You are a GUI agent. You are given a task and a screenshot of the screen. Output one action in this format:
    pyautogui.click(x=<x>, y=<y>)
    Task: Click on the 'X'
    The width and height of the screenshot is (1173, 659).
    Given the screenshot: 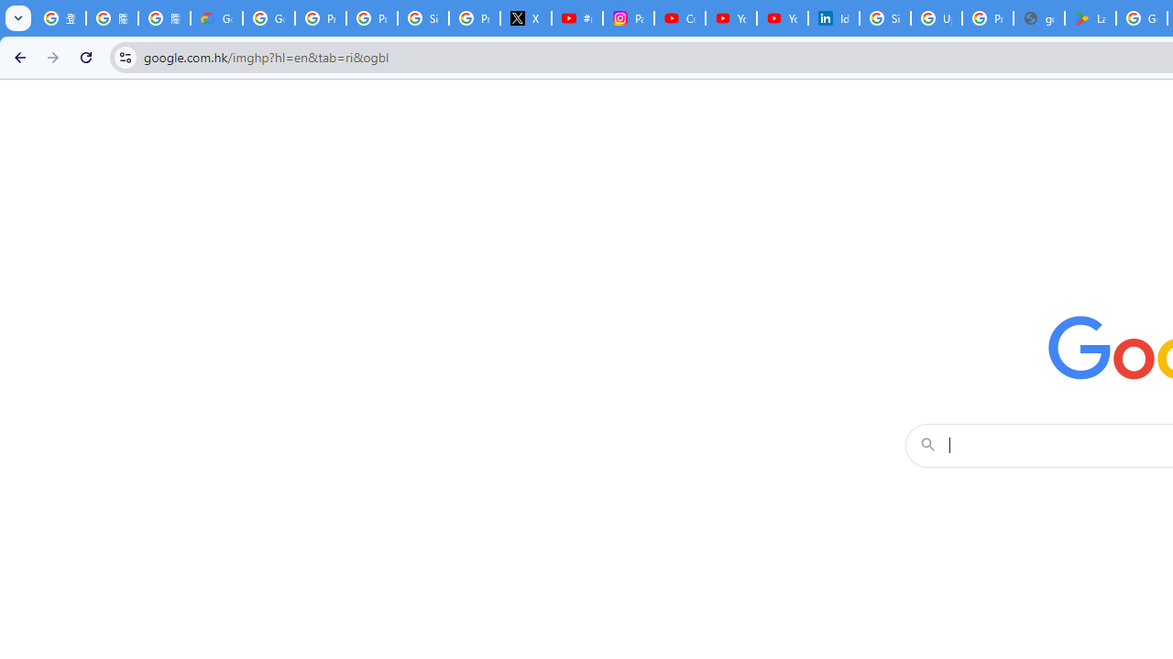 What is the action you would take?
    pyautogui.click(x=525, y=18)
    